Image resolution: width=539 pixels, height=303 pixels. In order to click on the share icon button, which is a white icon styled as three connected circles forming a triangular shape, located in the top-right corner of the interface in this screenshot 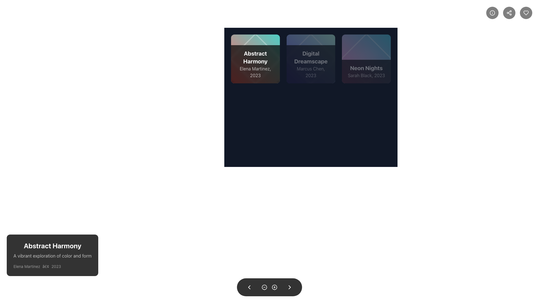, I will do `click(509, 13)`.